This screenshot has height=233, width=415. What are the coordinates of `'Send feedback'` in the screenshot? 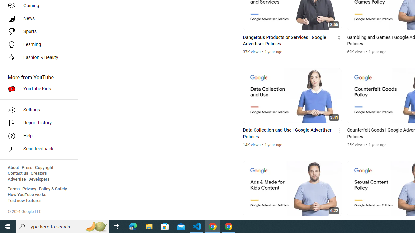 It's located at (36, 149).